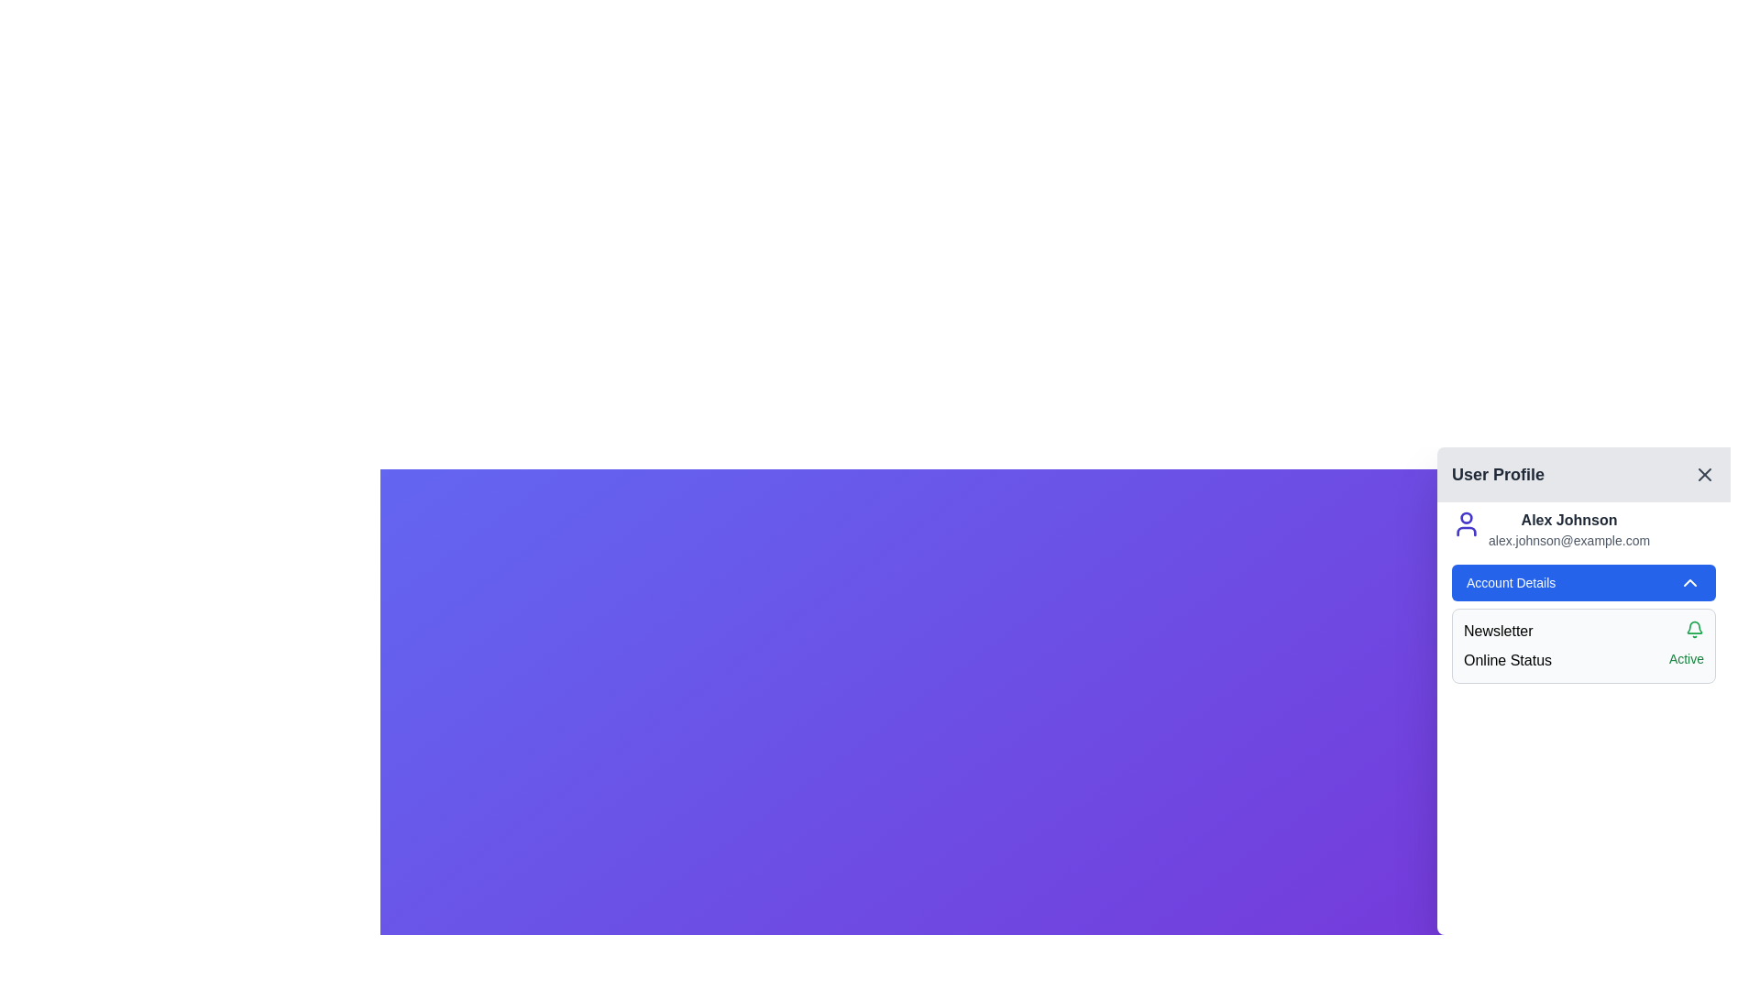  What do you see at coordinates (1688, 583) in the screenshot?
I see `the Chevron-Up icon located on the right-most side of the 'Account Details' button` at bounding box center [1688, 583].